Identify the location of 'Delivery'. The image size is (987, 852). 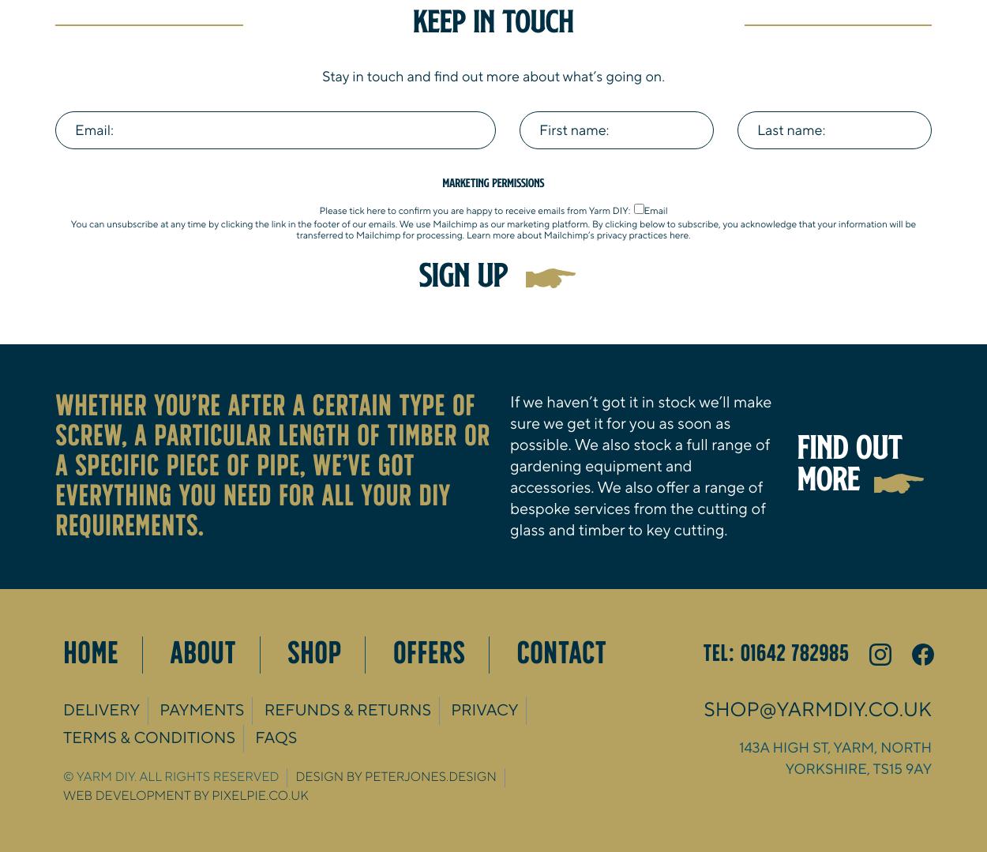
(62, 709).